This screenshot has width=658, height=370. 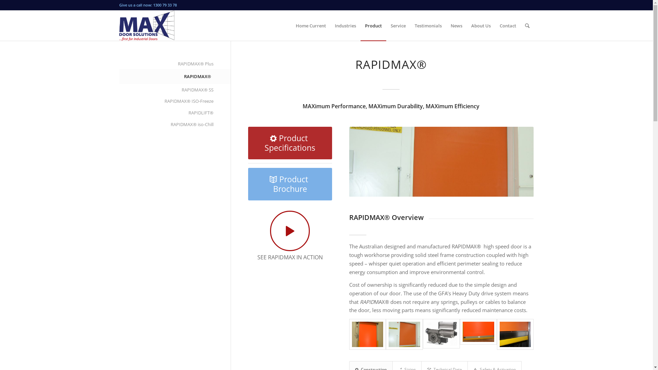 What do you see at coordinates (495, 25) in the screenshot?
I see `'Contact'` at bounding box center [495, 25].